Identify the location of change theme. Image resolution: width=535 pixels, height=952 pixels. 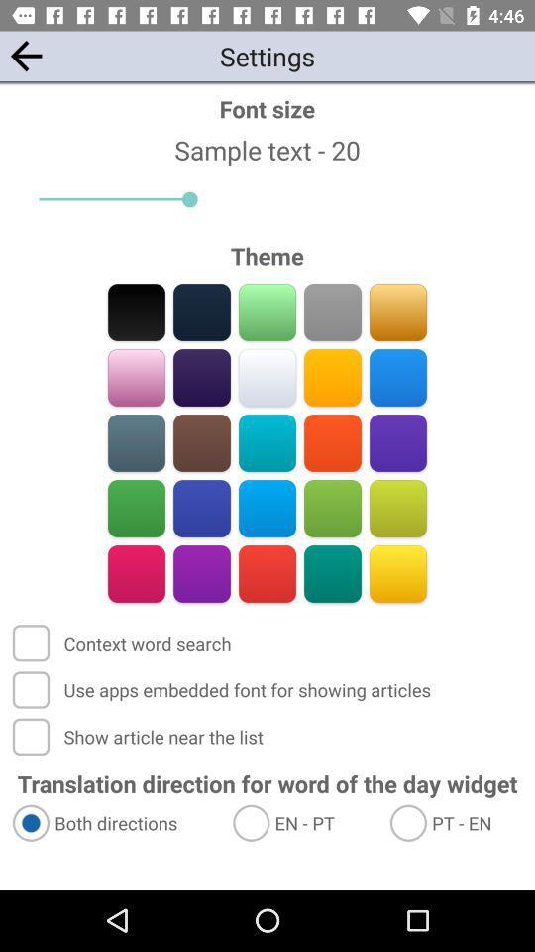
(332, 442).